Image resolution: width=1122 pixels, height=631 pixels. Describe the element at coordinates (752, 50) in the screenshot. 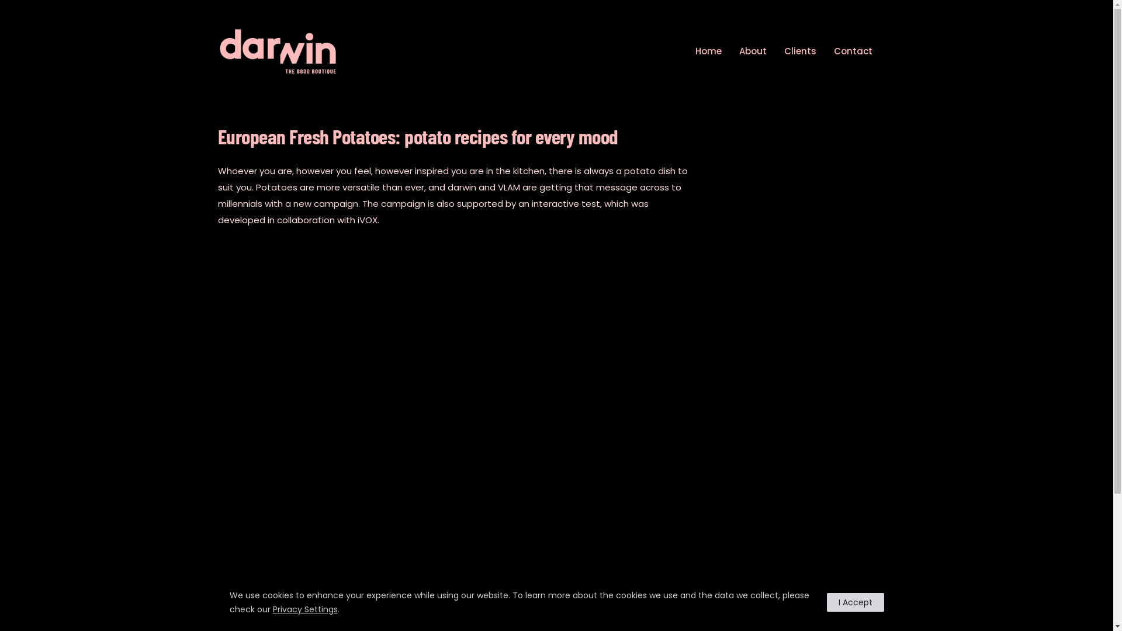

I see `'About'` at that location.